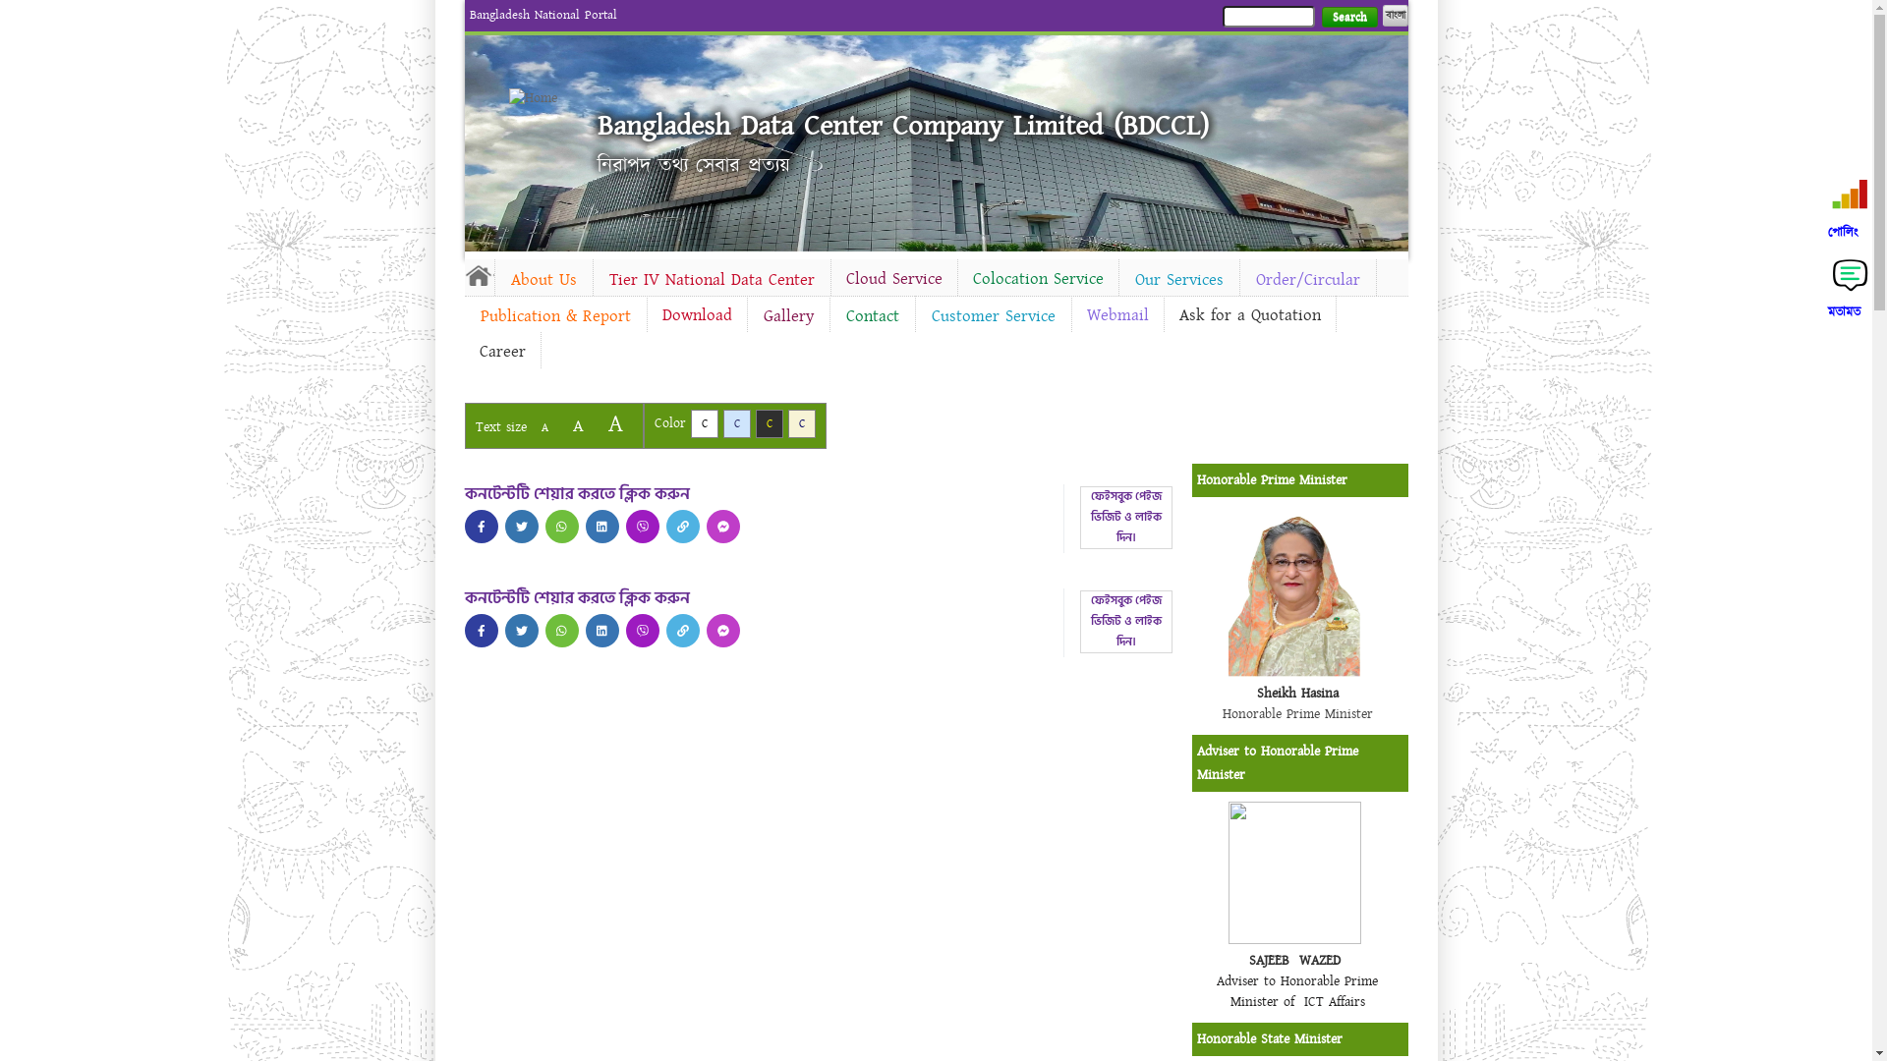 The height and width of the screenshot is (1061, 1887). What do you see at coordinates (735, 422) in the screenshot?
I see `'C'` at bounding box center [735, 422].